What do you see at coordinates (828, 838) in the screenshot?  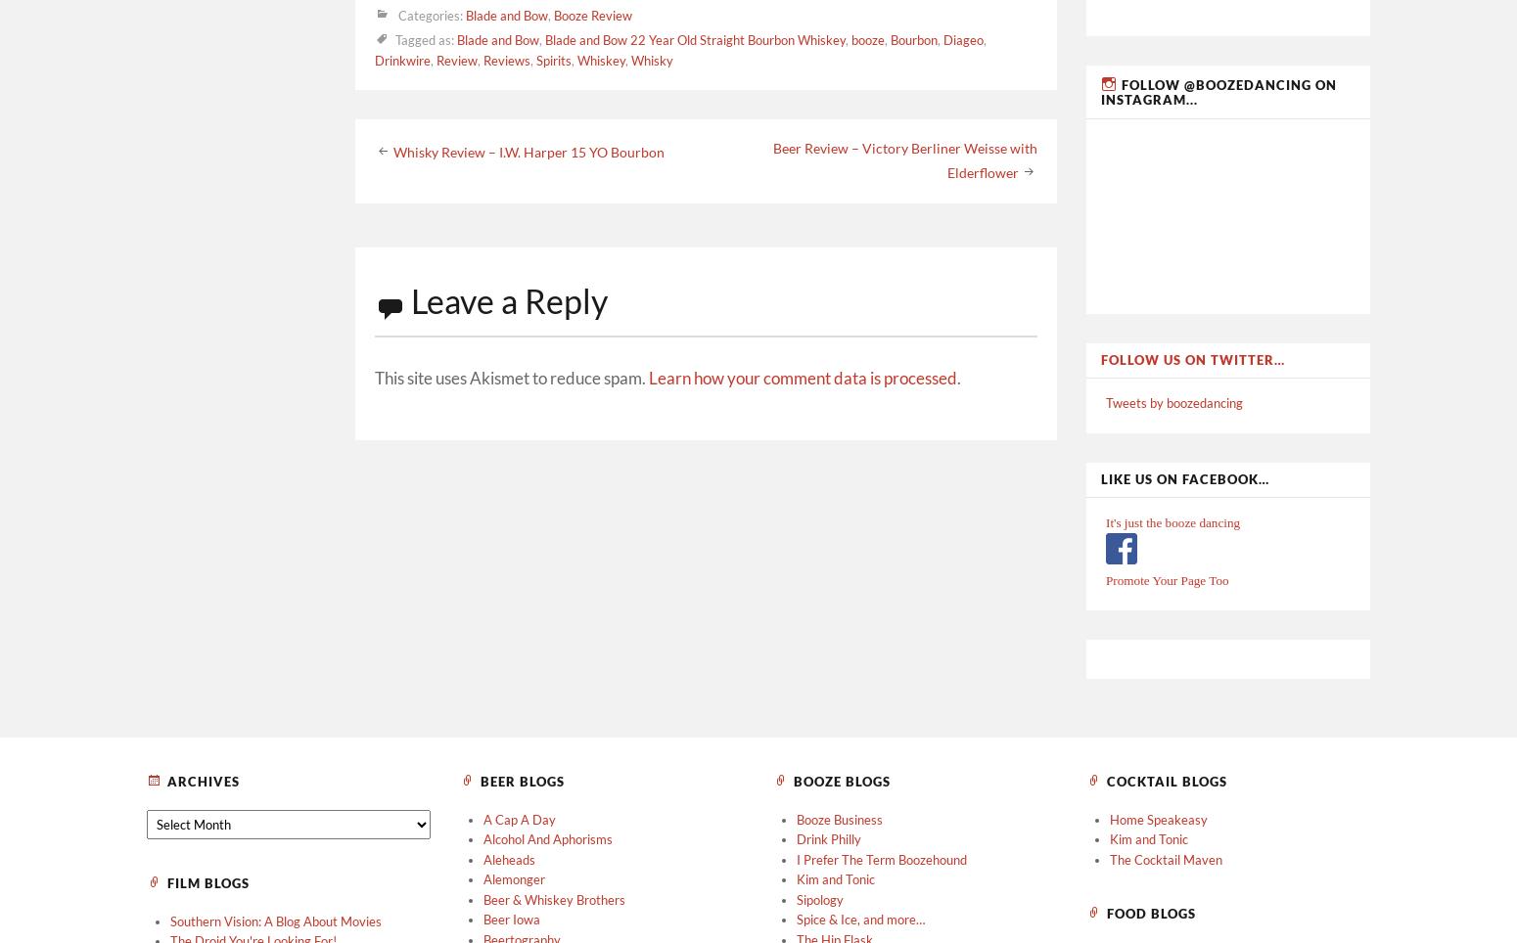 I see `'Drink Philly'` at bounding box center [828, 838].